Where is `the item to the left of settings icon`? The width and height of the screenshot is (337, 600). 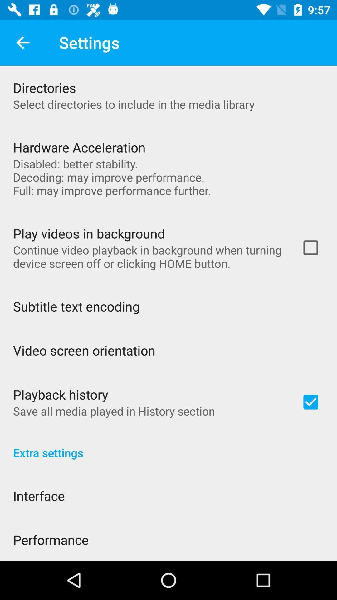
the item to the left of settings icon is located at coordinates (22, 42).